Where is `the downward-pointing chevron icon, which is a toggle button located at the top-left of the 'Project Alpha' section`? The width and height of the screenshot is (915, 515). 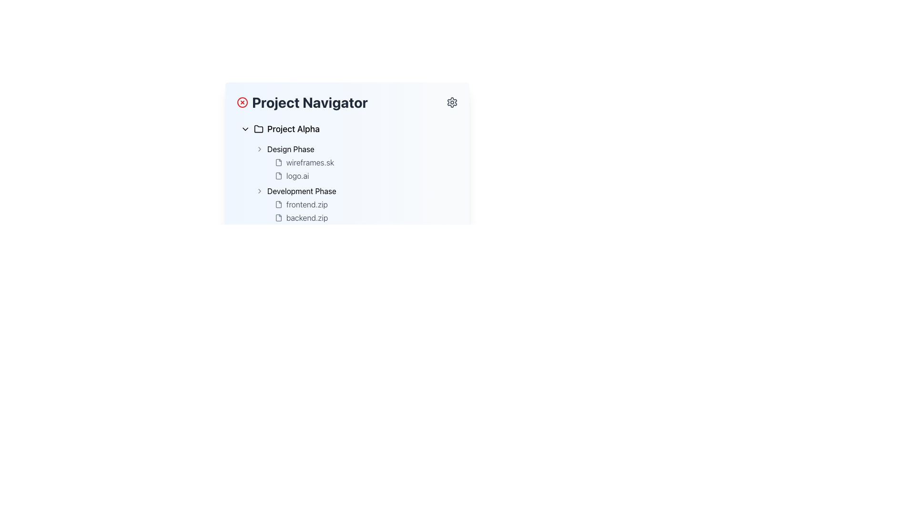 the downward-pointing chevron icon, which is a toggle button located at the top-left of the 'Project Alpha' section is located at coordinates (245, 129).